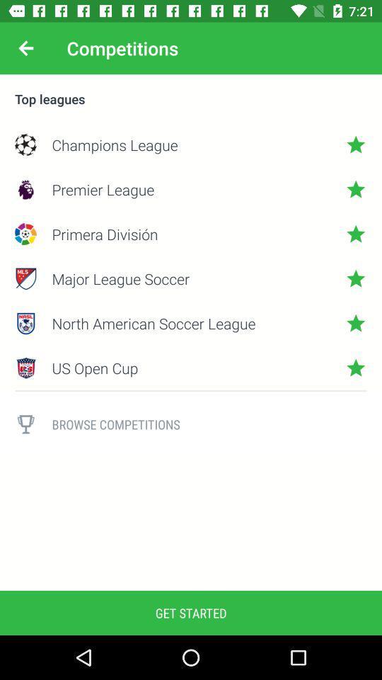  What do you see at coordinates (209, 424) in the screenshot?
I see `browse competitions icon` at bounding box center [209, 424].